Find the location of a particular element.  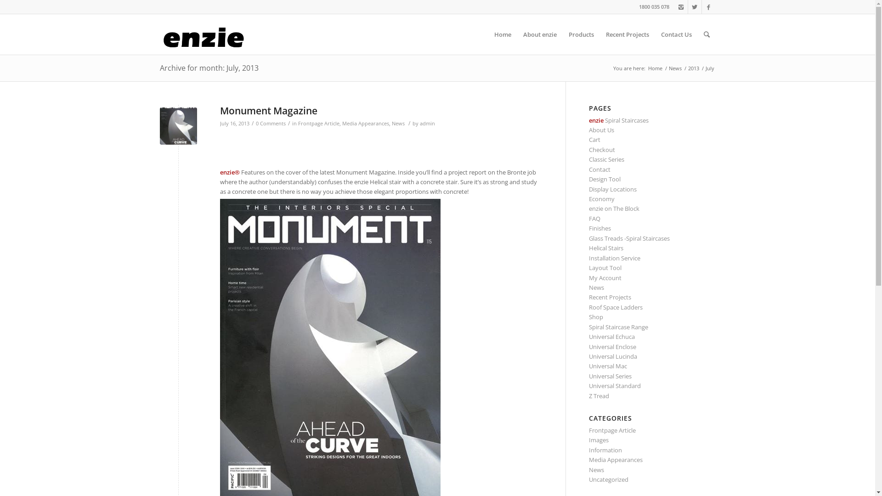

'Universal Lucinda' is located at coordinates (613, 355).